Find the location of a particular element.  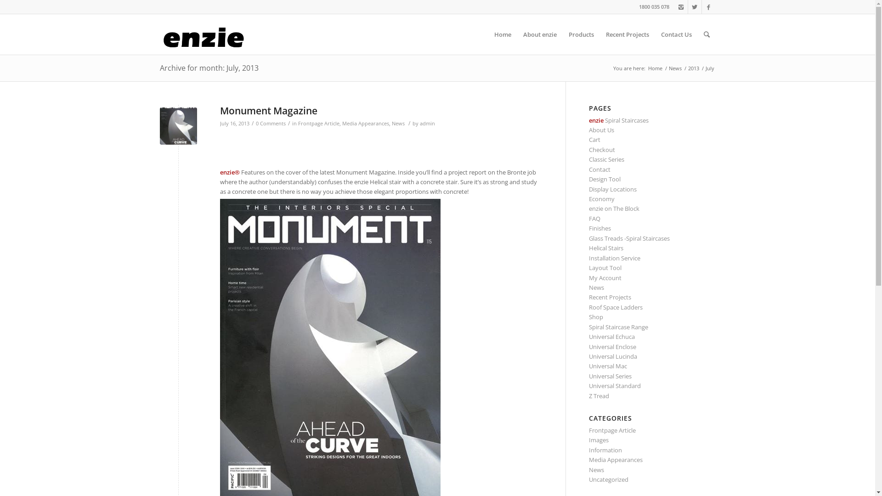

'Universal Lucinda' is located at coordinates (613, 355).